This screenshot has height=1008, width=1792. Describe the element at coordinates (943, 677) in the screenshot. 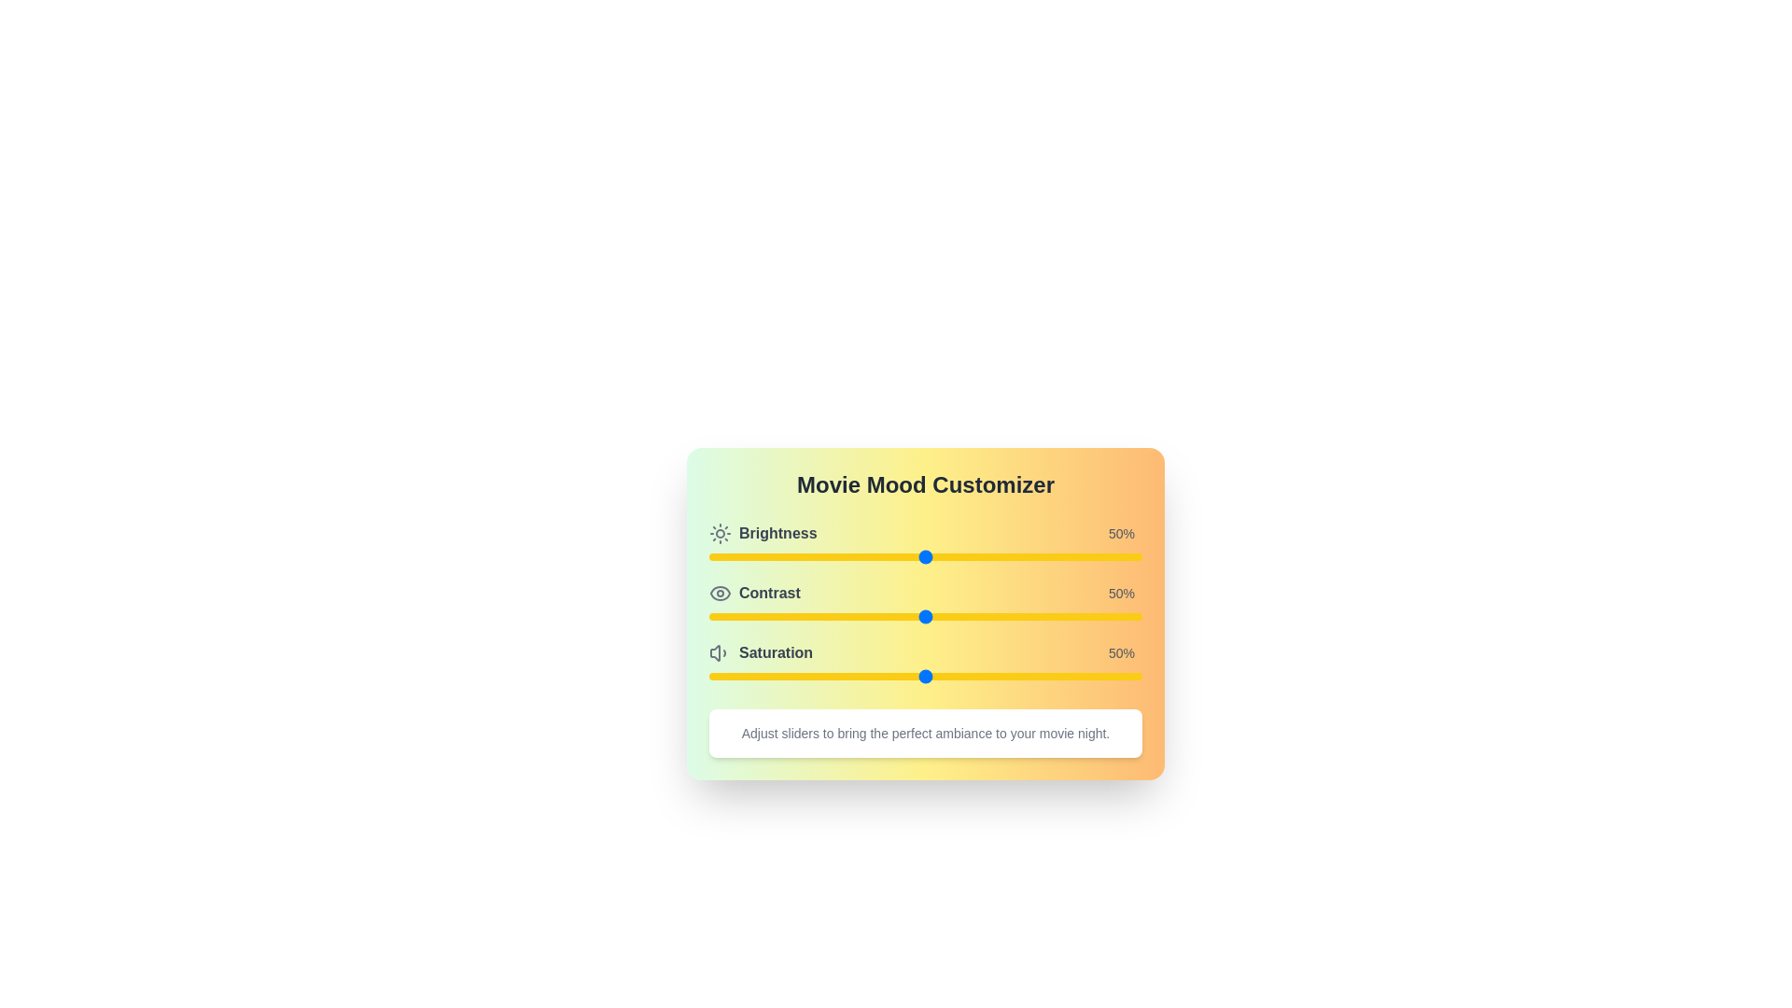

I see `the slider` at that location.